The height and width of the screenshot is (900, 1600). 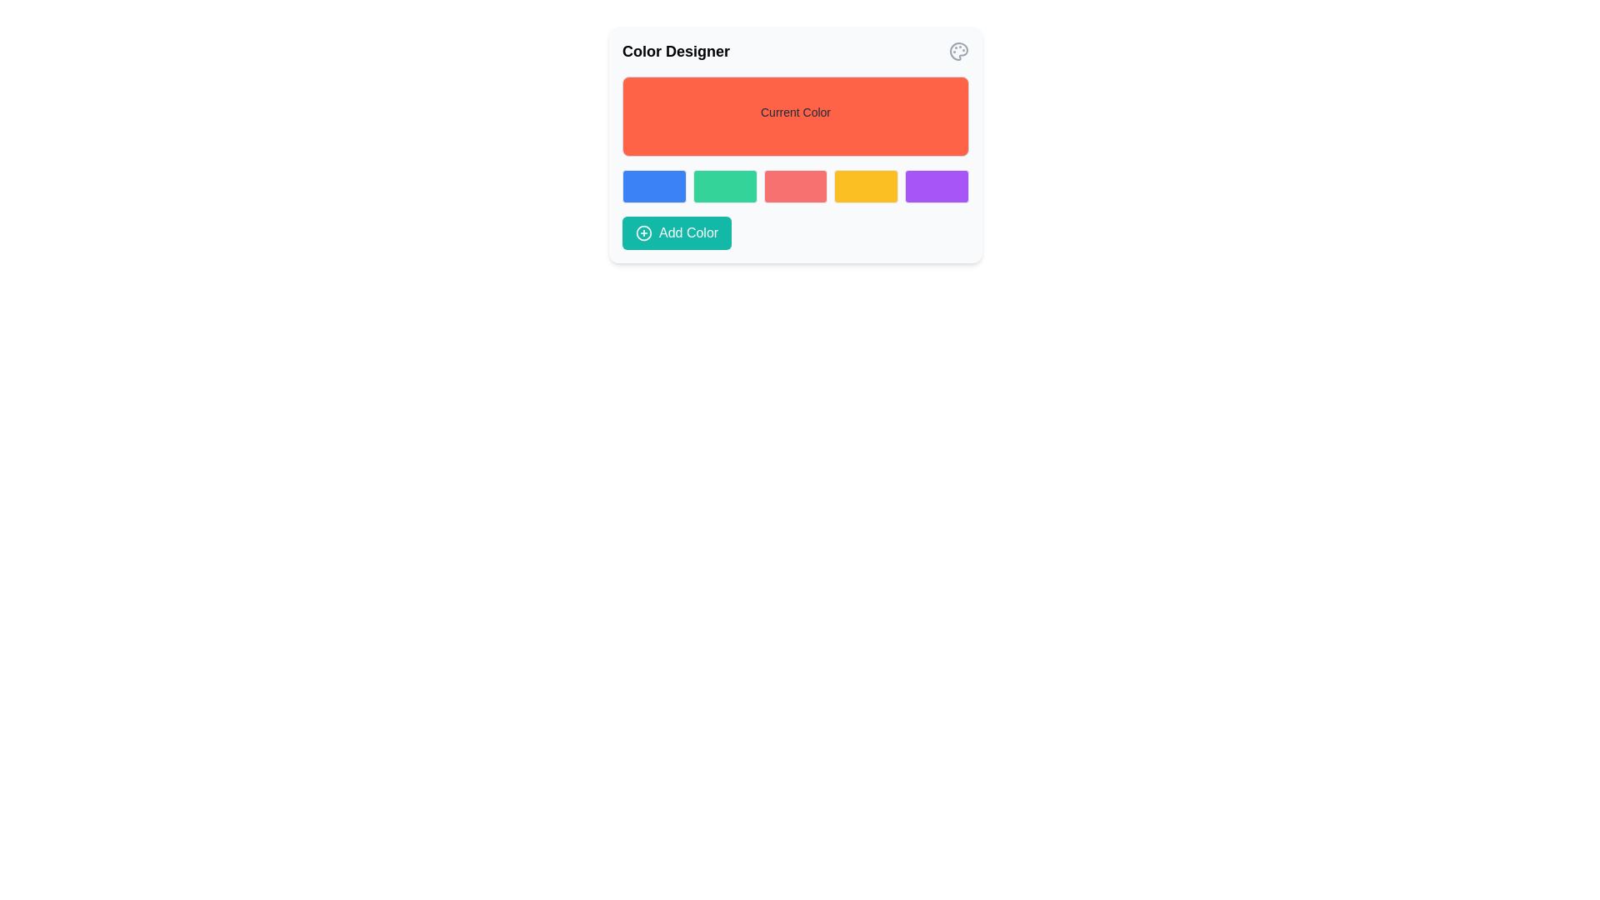 What do you see at coordinates (653, 186) in the screenshot?
I see `the first rectangular button with rounded corners and a solid blue background located beneath the 'Current Color' section` at bounding box center [653, 186].